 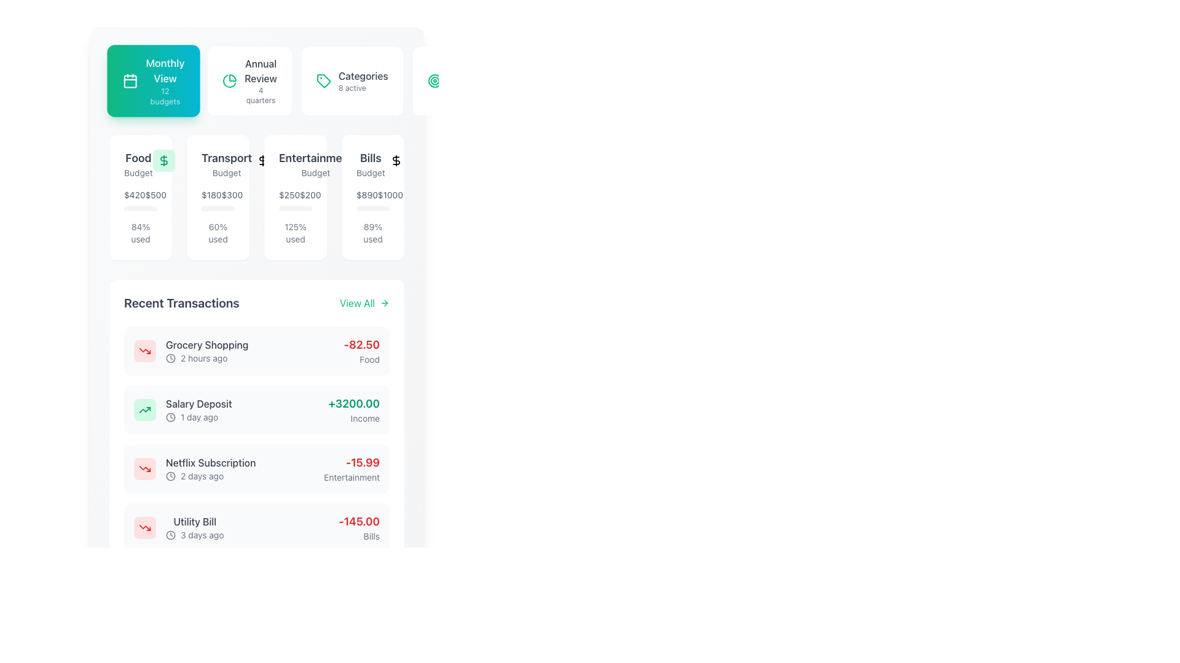 I want to click on the first List item (transaction record) under the 'Recent Transactions' section, which shows 'Grocery Shopping', so click(x=191, y=351).